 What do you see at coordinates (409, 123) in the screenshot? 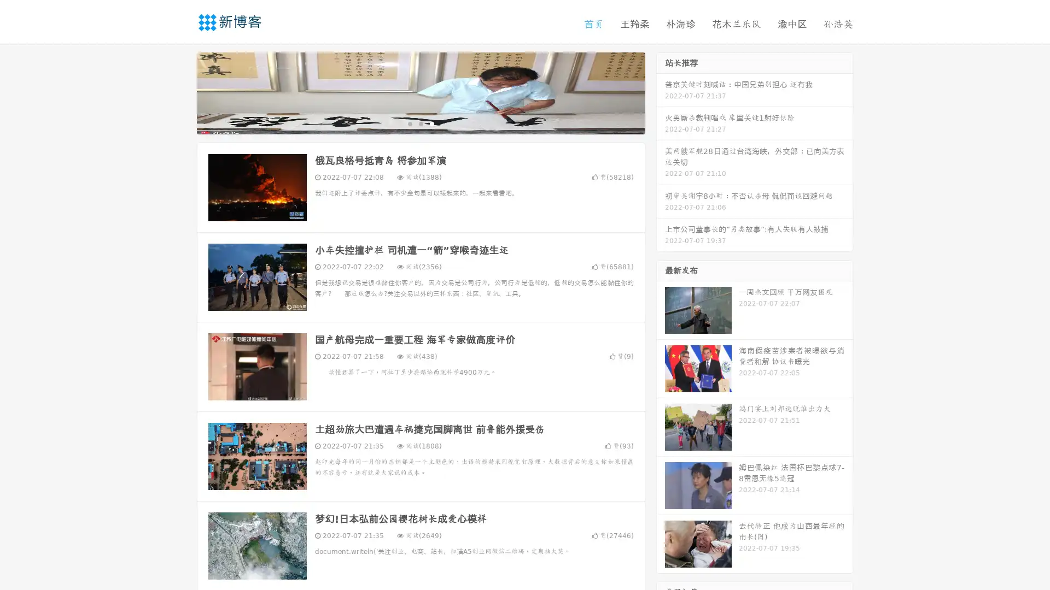
I see `Go to slide 1` at bounding box center [409, 123].